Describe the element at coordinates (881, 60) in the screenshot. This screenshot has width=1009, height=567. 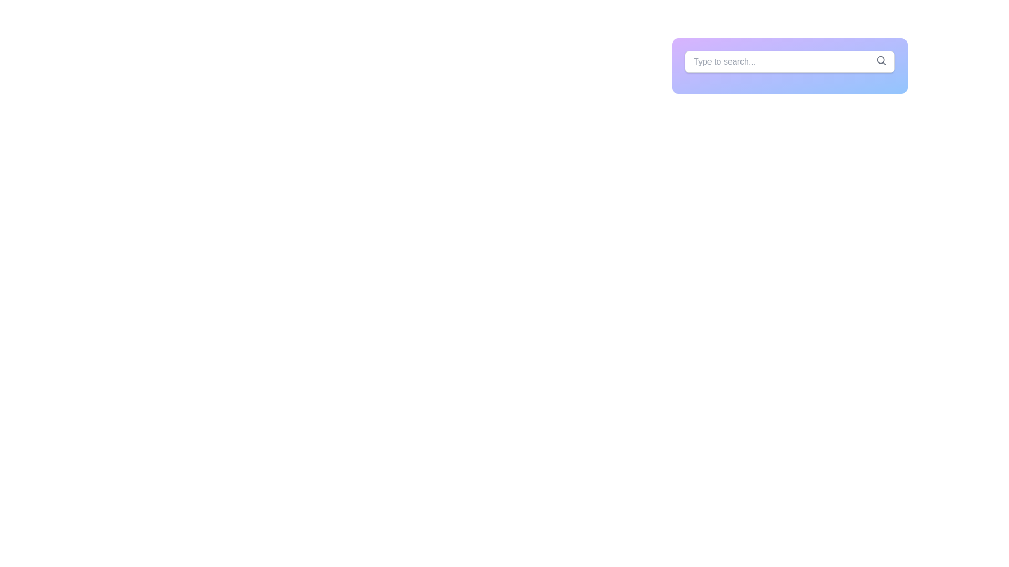
I see `the search icon, which is a circular button with a handle resembling a magnifying glass, located at the top-right corner of the search input box` at that location.